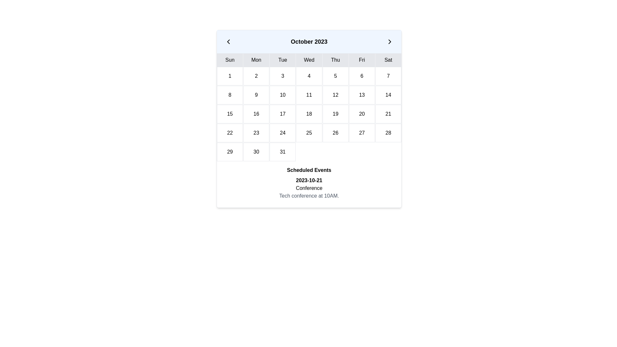 This screenshot has width=617, height=347. Describe the element at coordinates (335, 76) in the screenshot. I see `the date cell displaying the number '5' in the calendar grid for October 2023` at that location.